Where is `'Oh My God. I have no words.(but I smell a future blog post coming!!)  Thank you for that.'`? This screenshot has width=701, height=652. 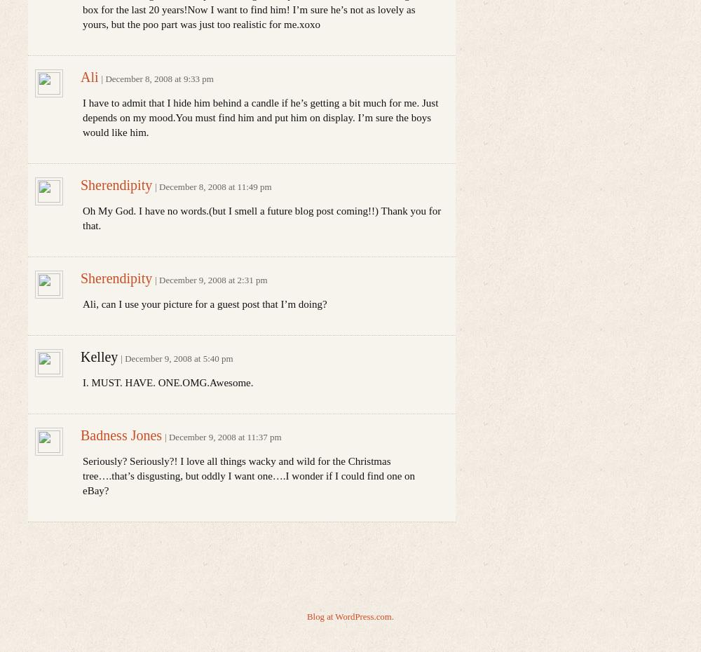
'Oh My God. I have no words.(but I smell a future blog post coming!!)  Thank you for that.' is located at coordinates (82, 217).